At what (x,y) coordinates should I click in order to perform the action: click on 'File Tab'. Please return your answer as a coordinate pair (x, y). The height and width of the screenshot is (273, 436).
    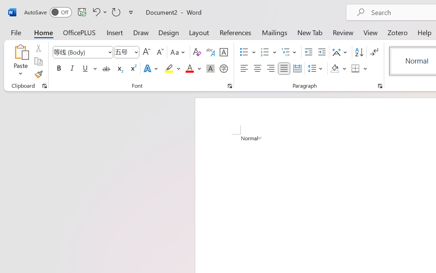
    Looking at the image, I should click on (16, 32).